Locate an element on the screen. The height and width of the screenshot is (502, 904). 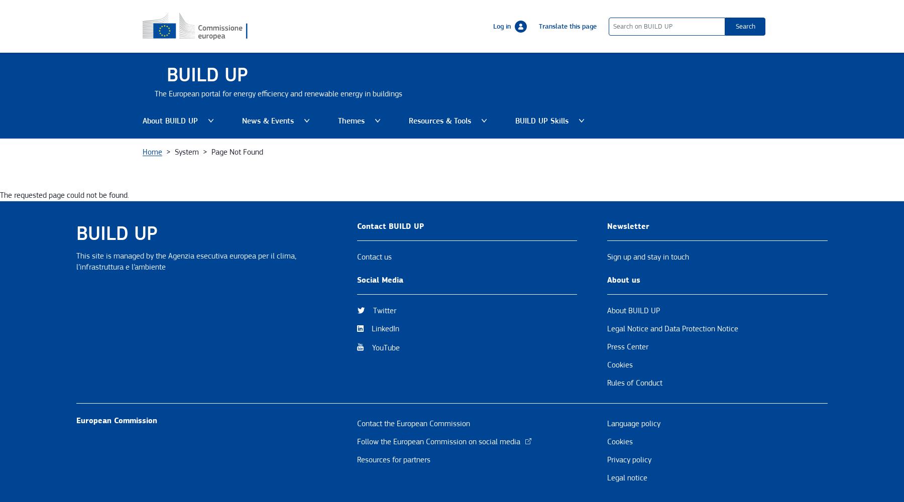
'European Commission' is located at coordinates (116, 420).